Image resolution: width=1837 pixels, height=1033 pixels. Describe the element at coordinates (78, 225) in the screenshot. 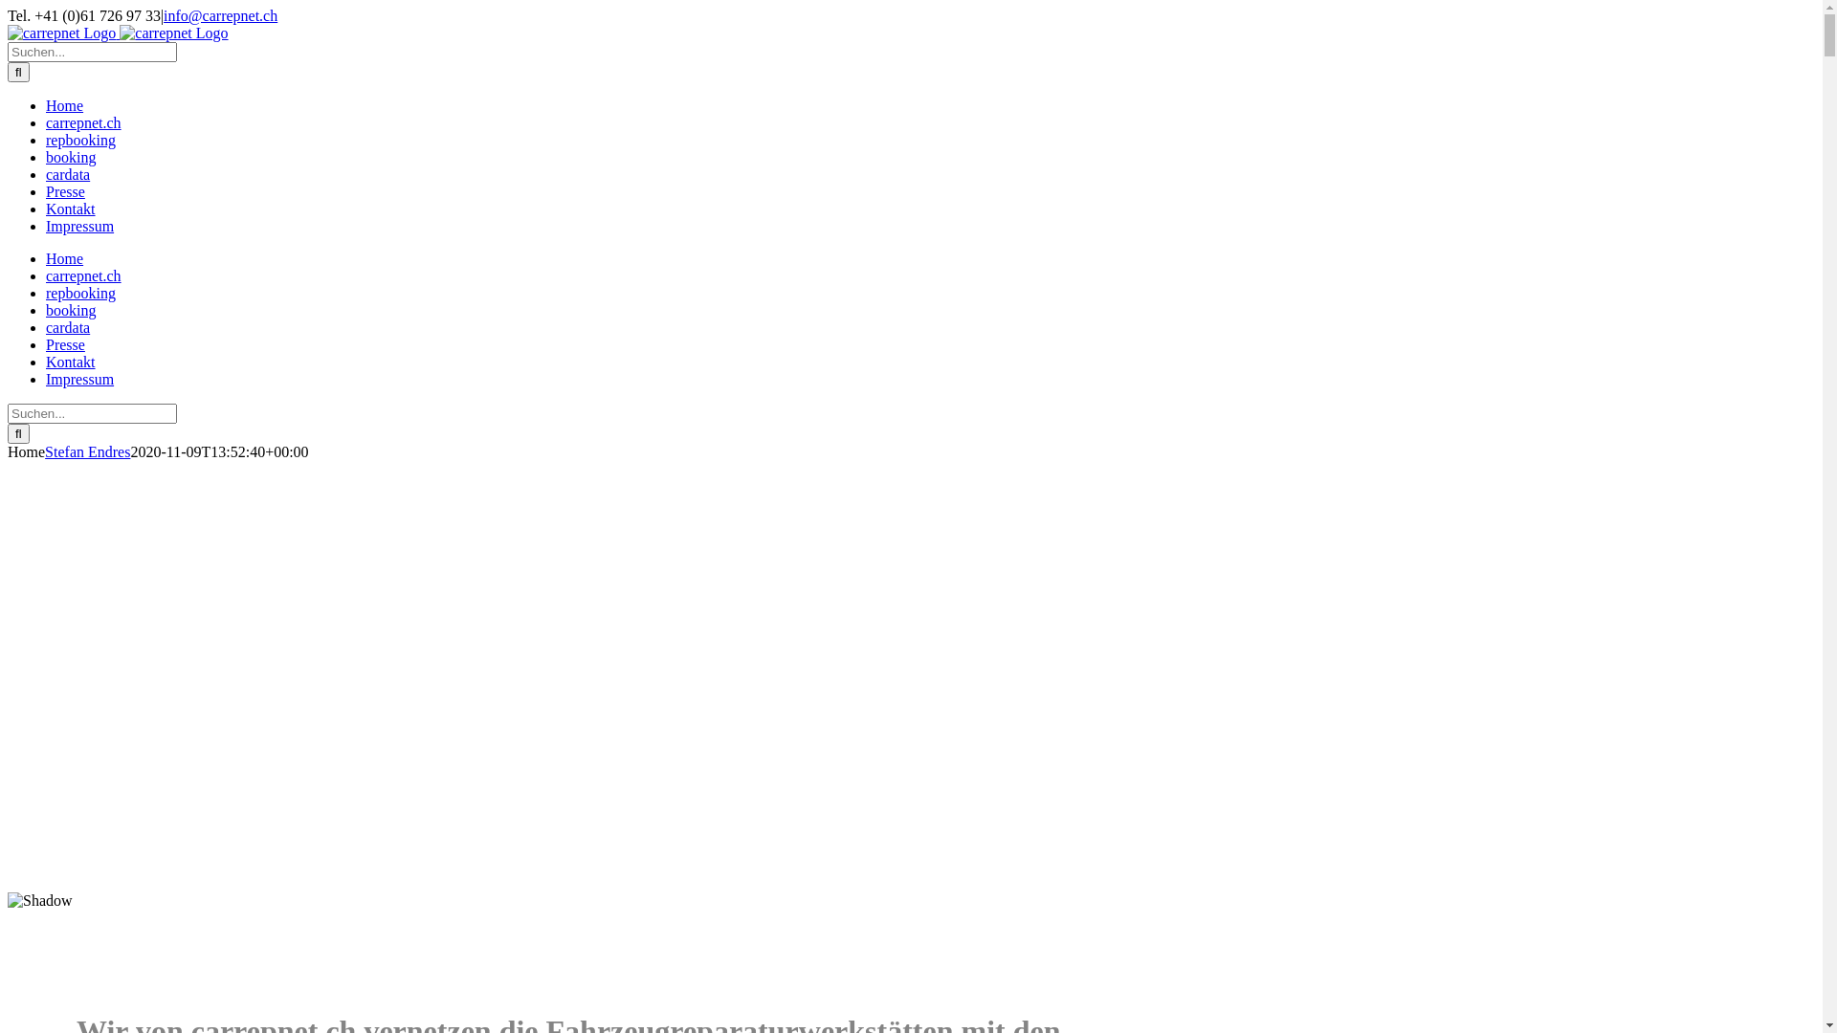

I see `'Impressum'` at that location.